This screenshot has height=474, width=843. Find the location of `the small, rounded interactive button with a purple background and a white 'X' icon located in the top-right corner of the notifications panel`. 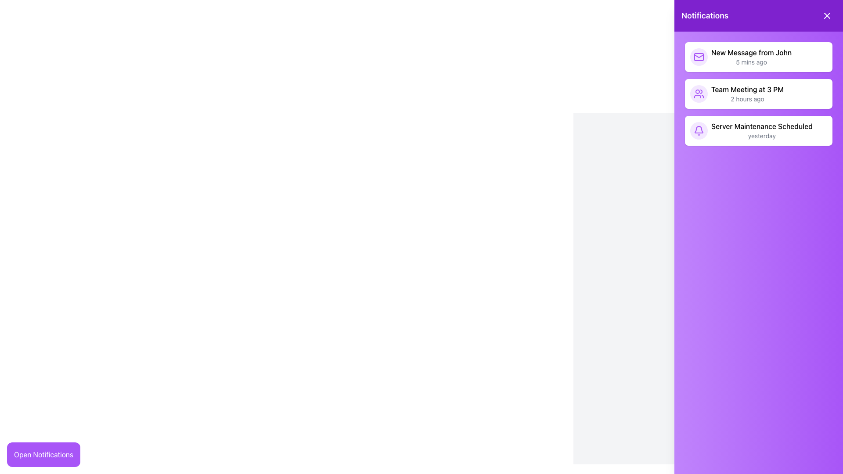

the small, rounded interactive button with a purple background and a white 'X' icon located in the top-right corner of the notifications panel is located at coordinates (826, 15).